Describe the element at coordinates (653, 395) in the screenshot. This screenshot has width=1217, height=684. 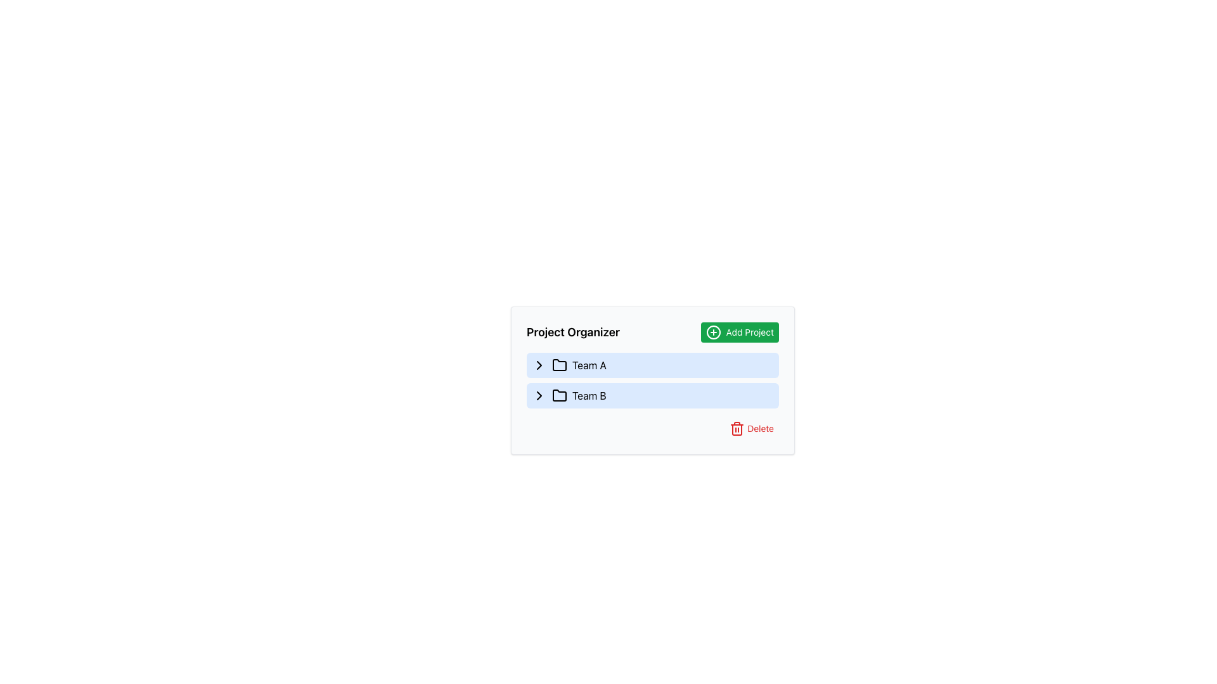
I see `the 'Team B' entry in the project organization interface` at that location.